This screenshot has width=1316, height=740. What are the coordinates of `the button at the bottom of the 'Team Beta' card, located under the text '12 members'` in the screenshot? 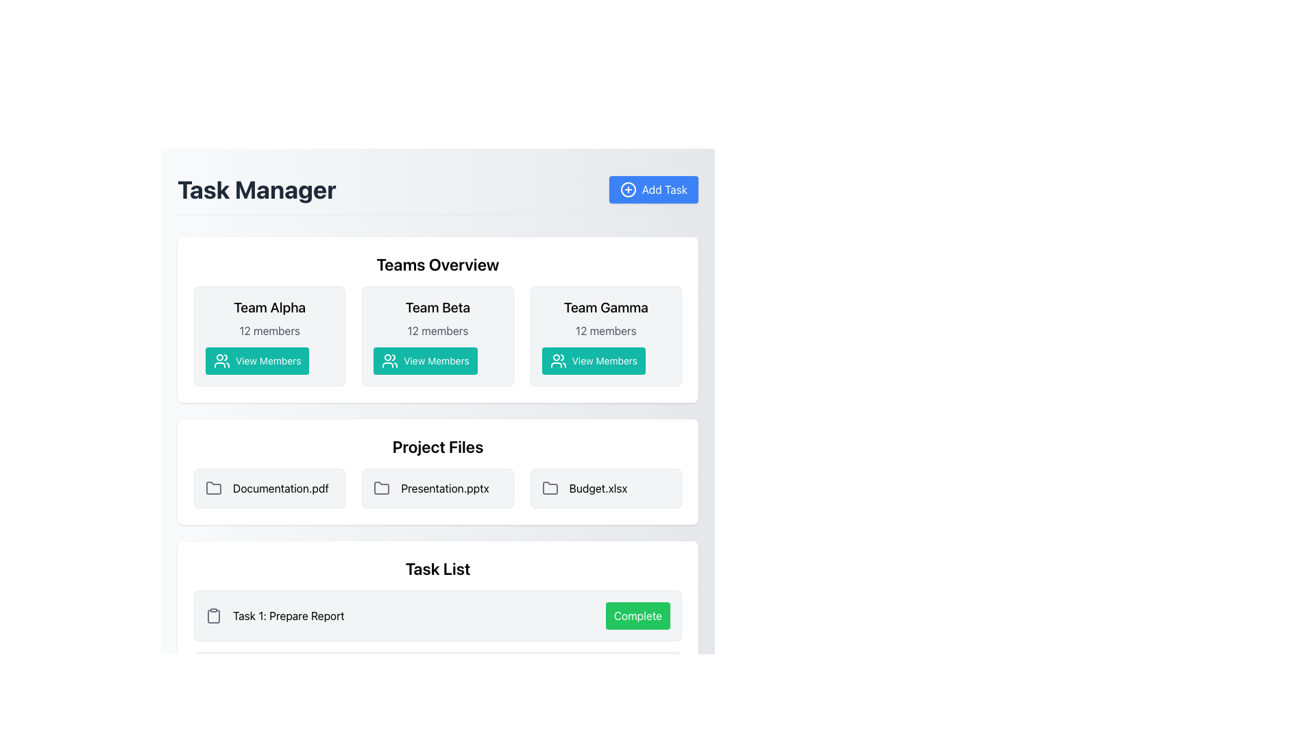 It's located at (425, 360).